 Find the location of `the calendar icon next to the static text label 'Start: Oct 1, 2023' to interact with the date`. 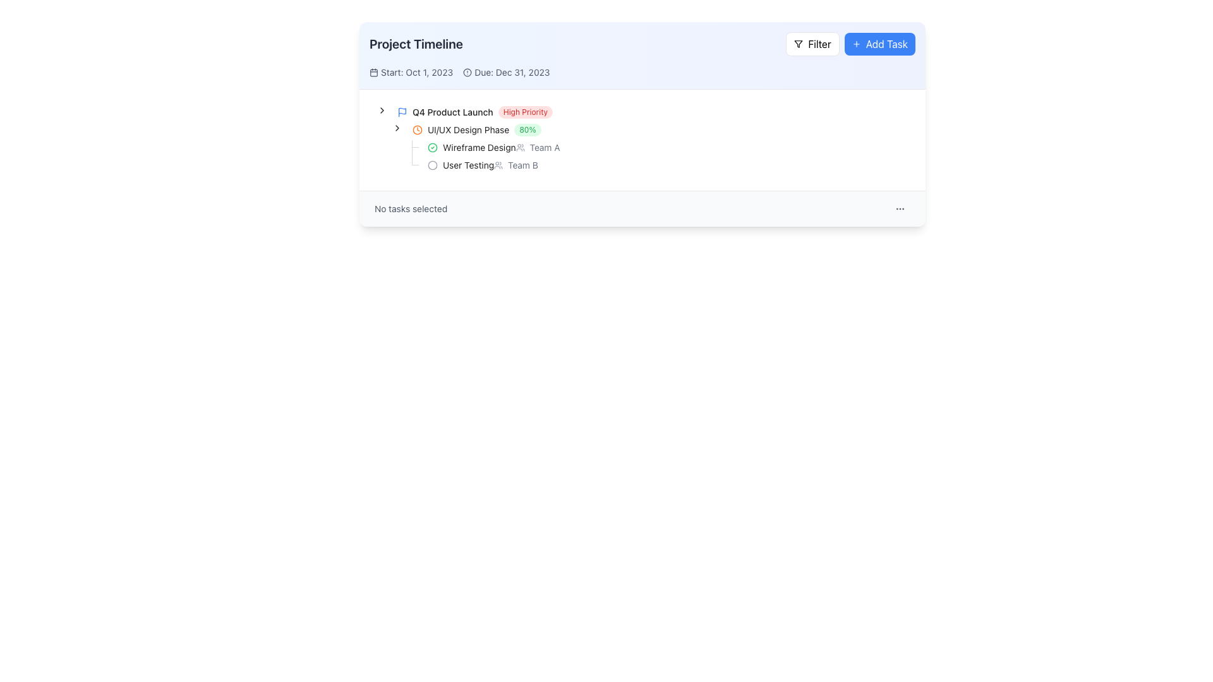

the calendar icon next to the static text label 'Start: Oct 1, 2023' to interact with the date is located at coordinates (411, 73).